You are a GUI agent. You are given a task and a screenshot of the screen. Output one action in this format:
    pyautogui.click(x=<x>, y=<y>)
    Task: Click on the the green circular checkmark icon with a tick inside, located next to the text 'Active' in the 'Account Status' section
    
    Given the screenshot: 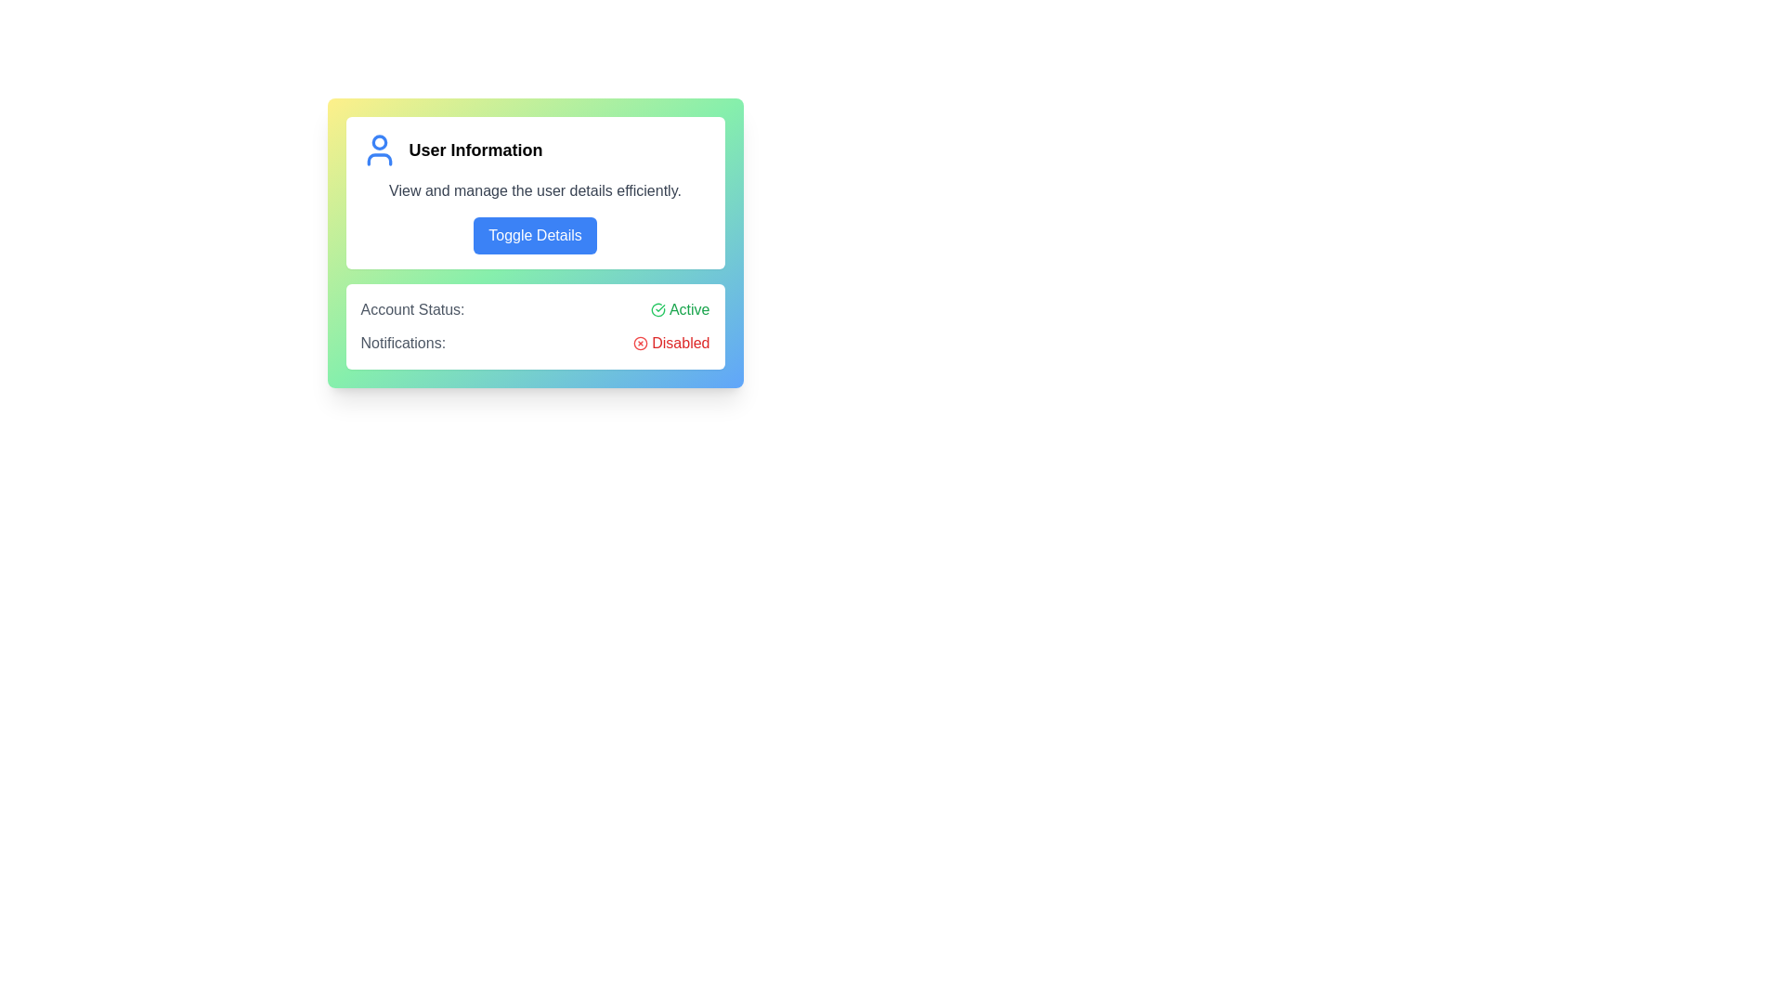 What is the action you would take?
    pyautogui.click(x=657, y=309)
    